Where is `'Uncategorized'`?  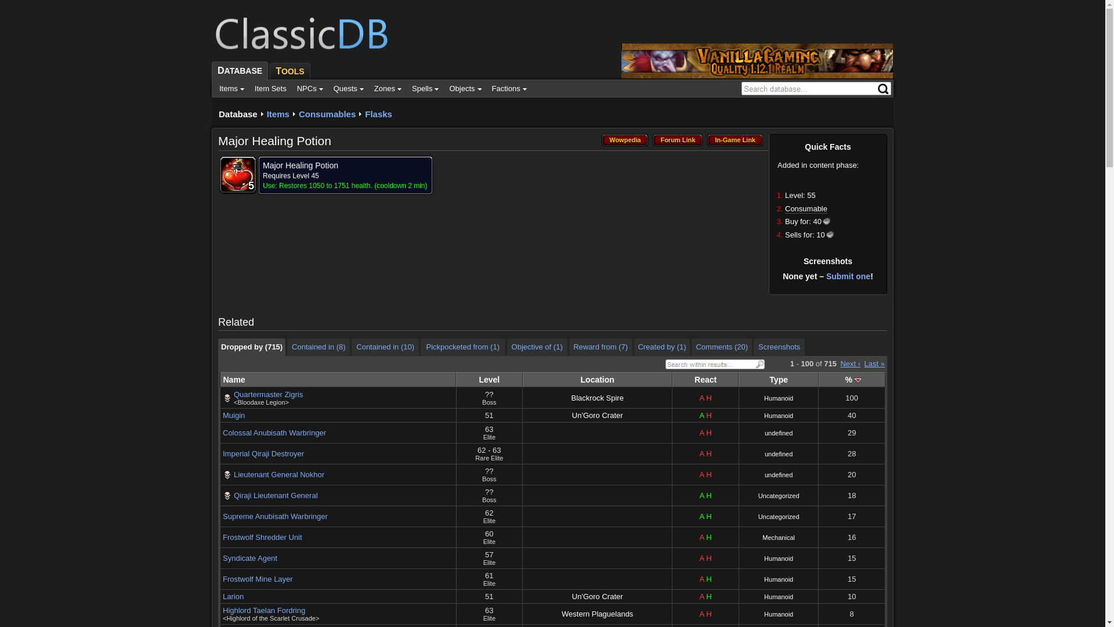
'Uncategorized' is located at coordinates (779, 516).